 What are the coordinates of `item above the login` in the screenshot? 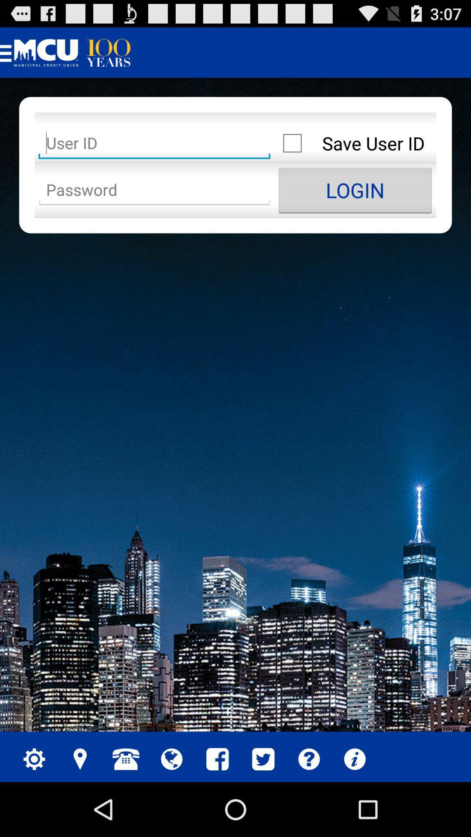 It's located at (355, 143).